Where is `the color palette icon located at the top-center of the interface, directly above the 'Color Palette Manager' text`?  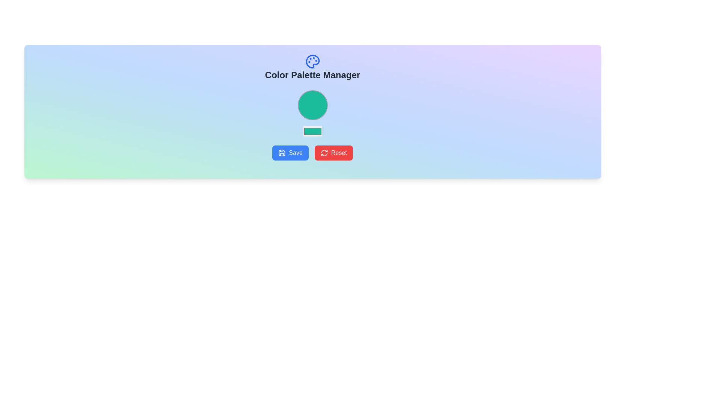
the color palette icon located at the top-center of the interface, directly above the 'Color Palette Manager' text is located at coordinates (312, 61).